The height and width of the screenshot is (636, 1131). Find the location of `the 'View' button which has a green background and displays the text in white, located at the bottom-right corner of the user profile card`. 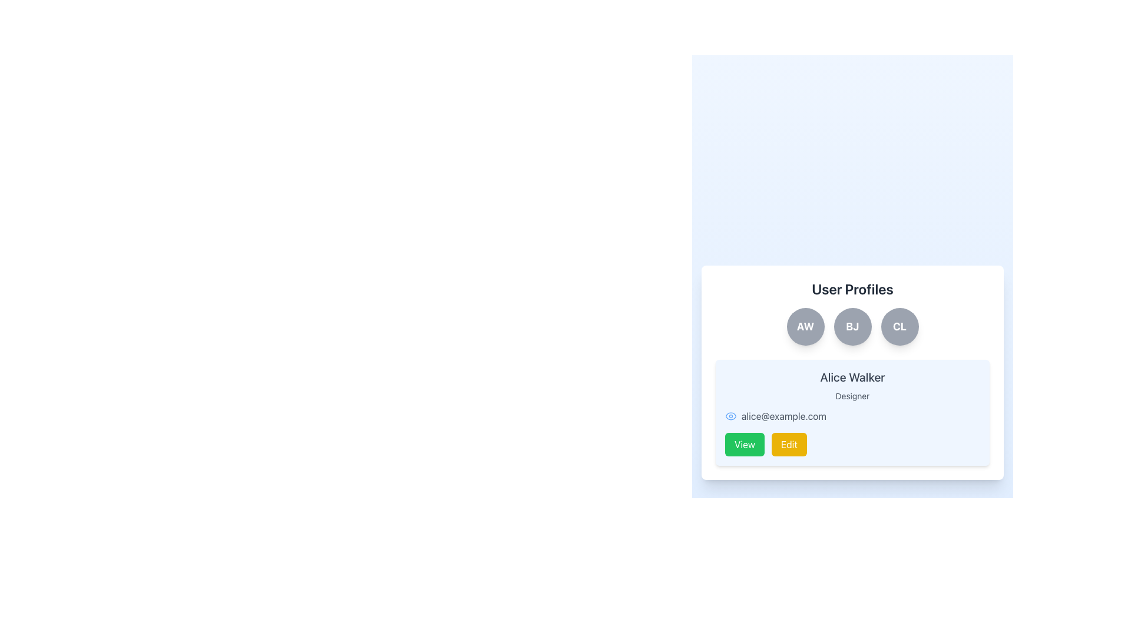

the 'View' button which has a green background and displays the text in white, located at the bottom-right corner of the user profile card is located at coordinates (744, 445).